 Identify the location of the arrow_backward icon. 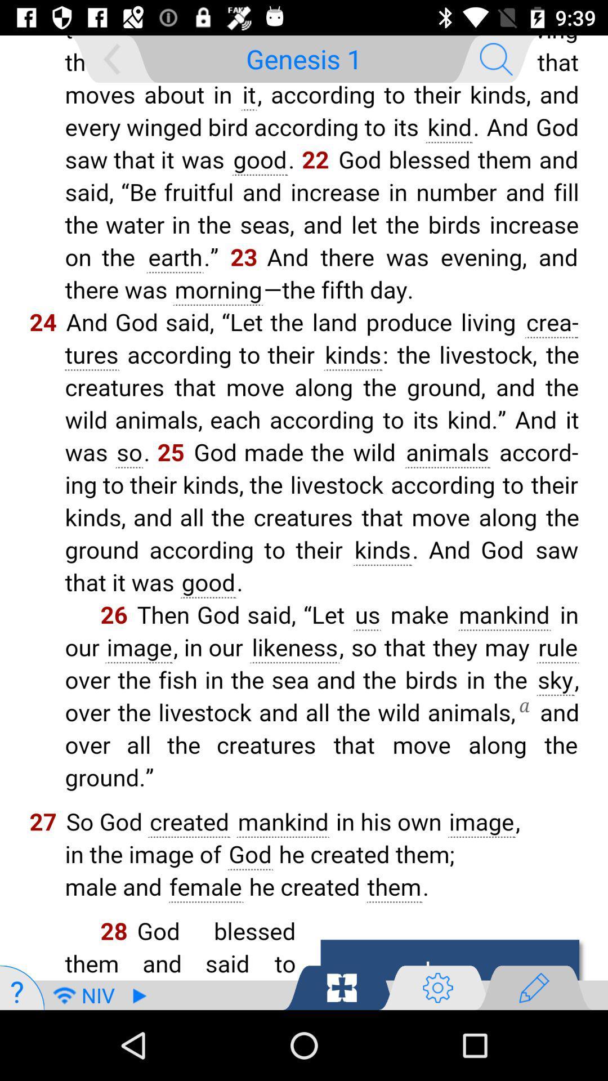
(111, 59).